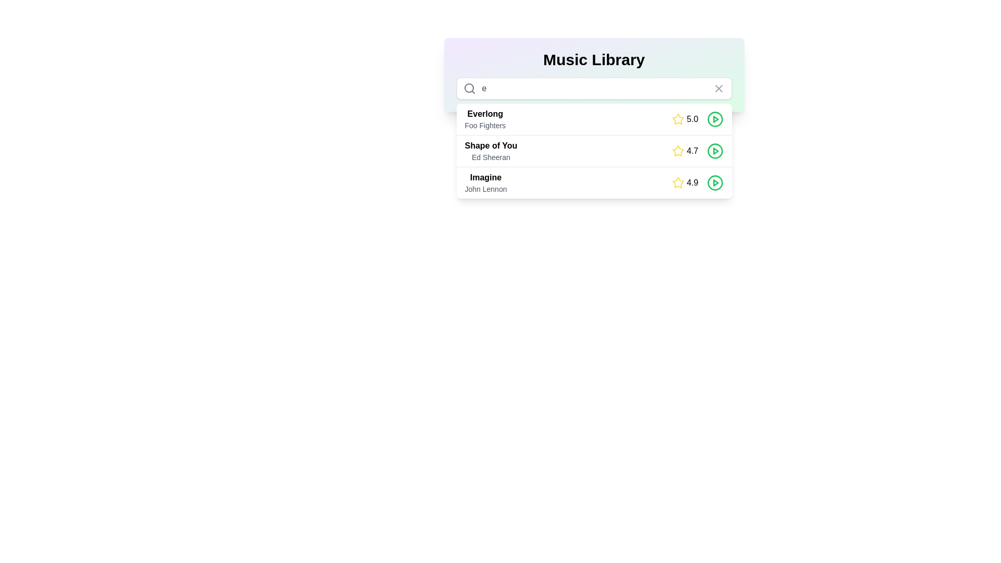 Image resolution: width=1001 pixels, height=563 pixels. What do you see at coordinates (715, 151) in the screenshot?
I see `the play icon in the second interactive row for the song 'Shape of You' by Ed Sheeran` at bounding box center [715, 151].